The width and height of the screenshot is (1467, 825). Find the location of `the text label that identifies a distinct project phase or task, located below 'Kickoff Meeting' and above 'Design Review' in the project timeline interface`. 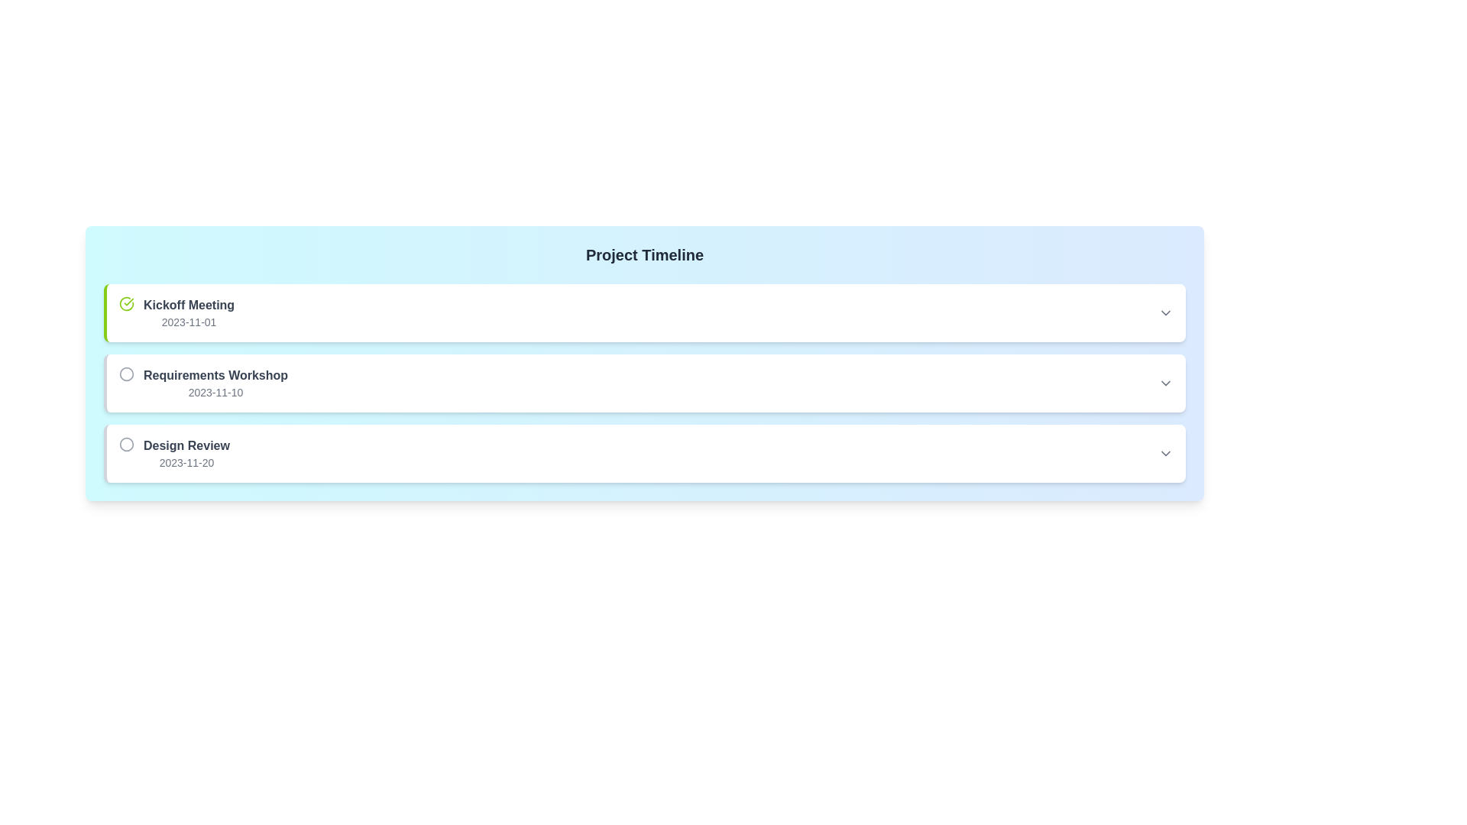

the text label that identifies a distinct project phase or task, located below 'Kickoff Meeting' and above 'Design Review' in the project timeline interface is located at coordinates (215, 376).